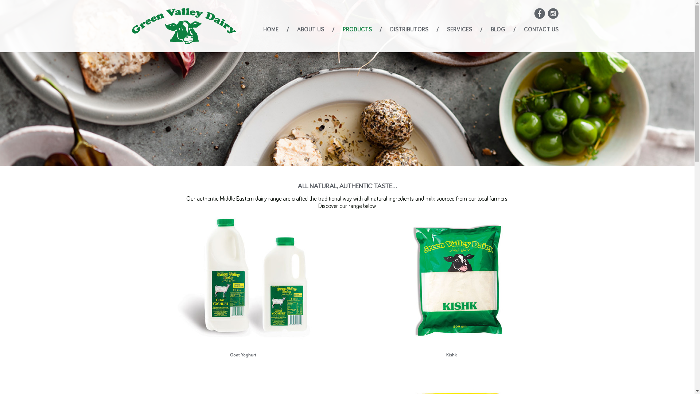  Describe the element at coordinates (498, 29) in the screenshot. I see `'BLOG'` at that location.